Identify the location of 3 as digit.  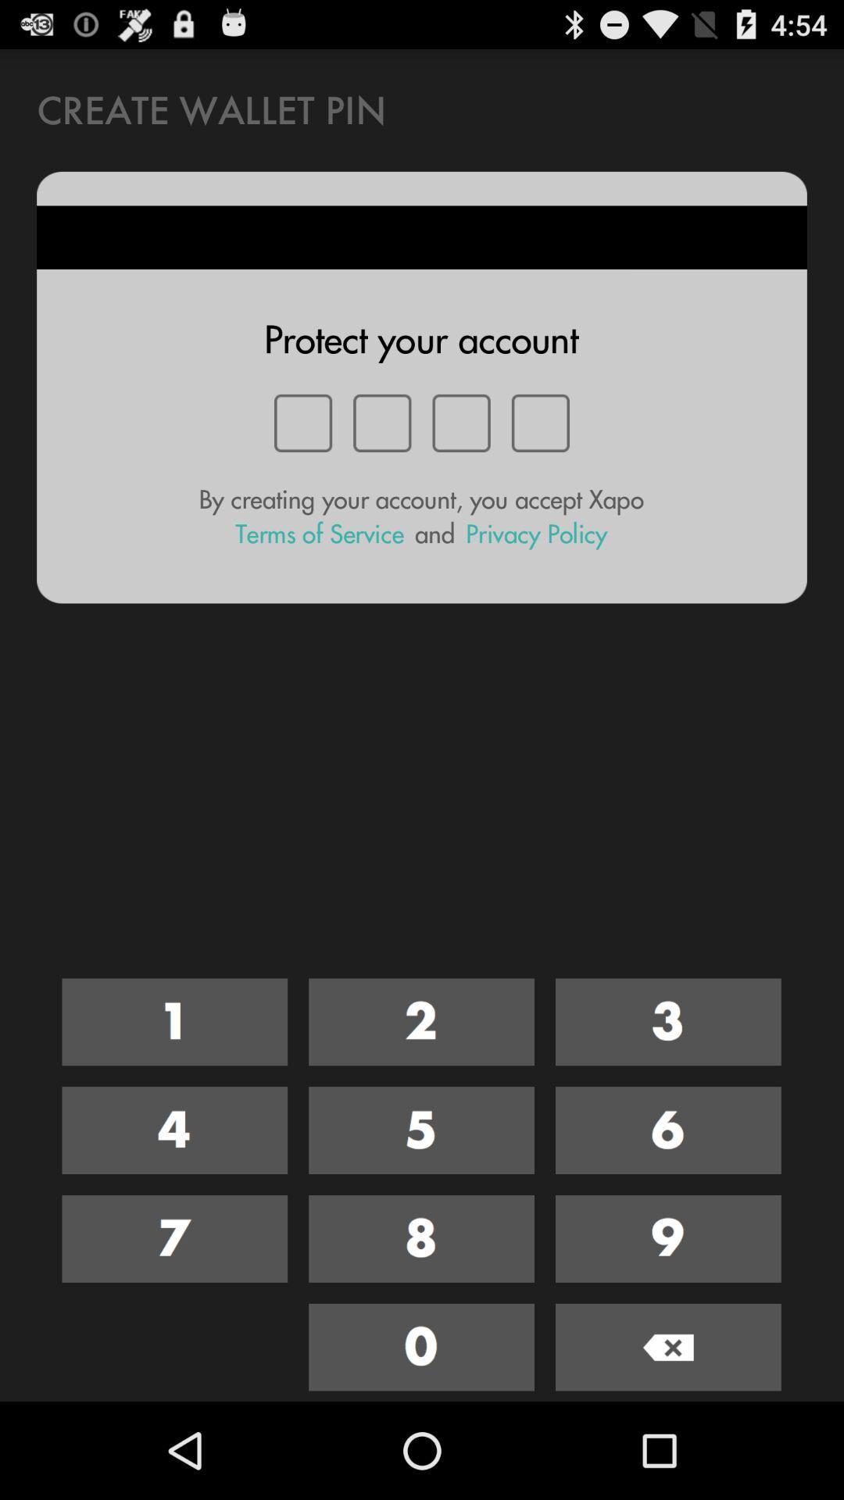
(668, 1022).